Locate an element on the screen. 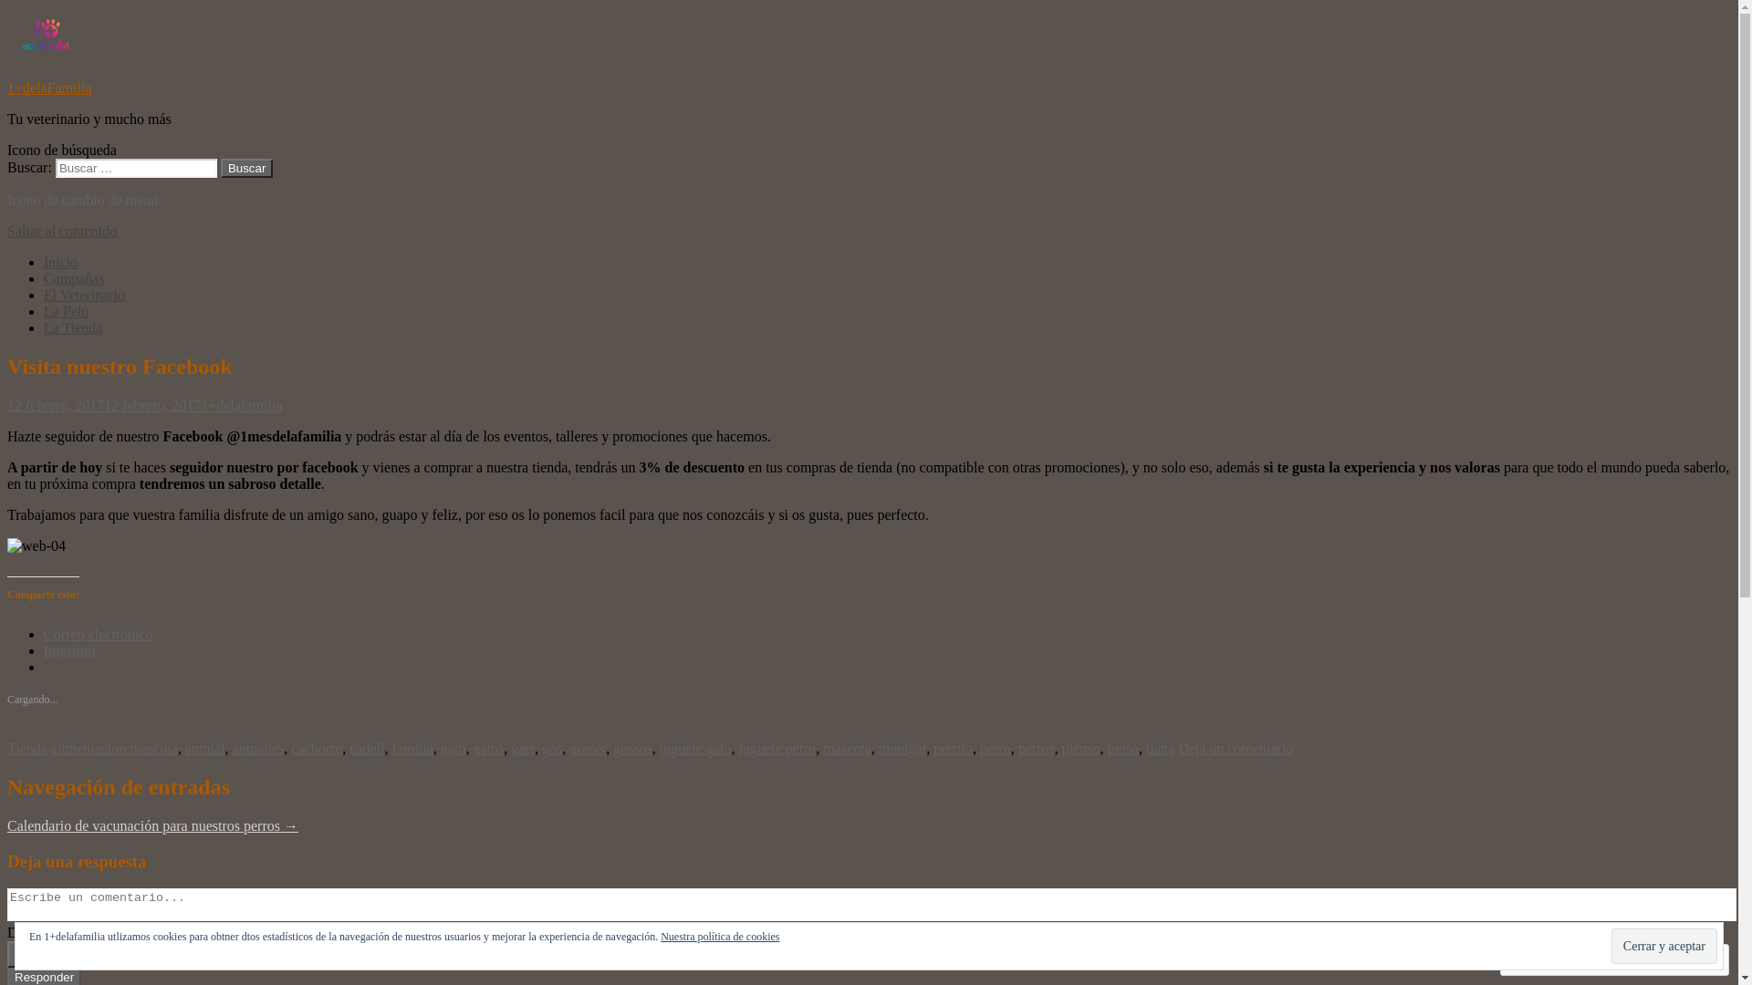  'gos' is located at coordinates (541, 748).